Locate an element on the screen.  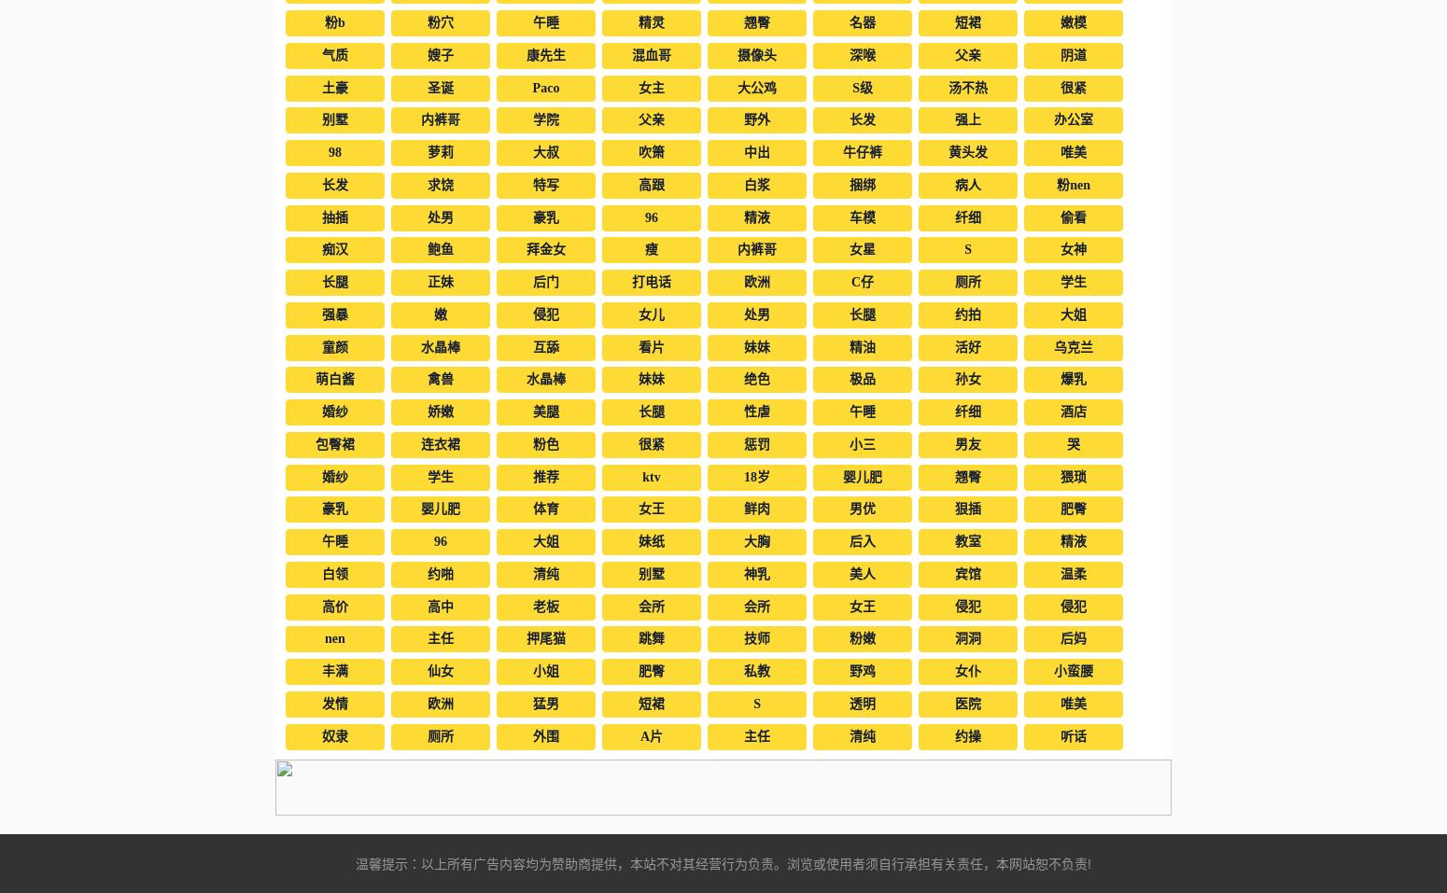
'C仔' is located at coordinates (862, 282).